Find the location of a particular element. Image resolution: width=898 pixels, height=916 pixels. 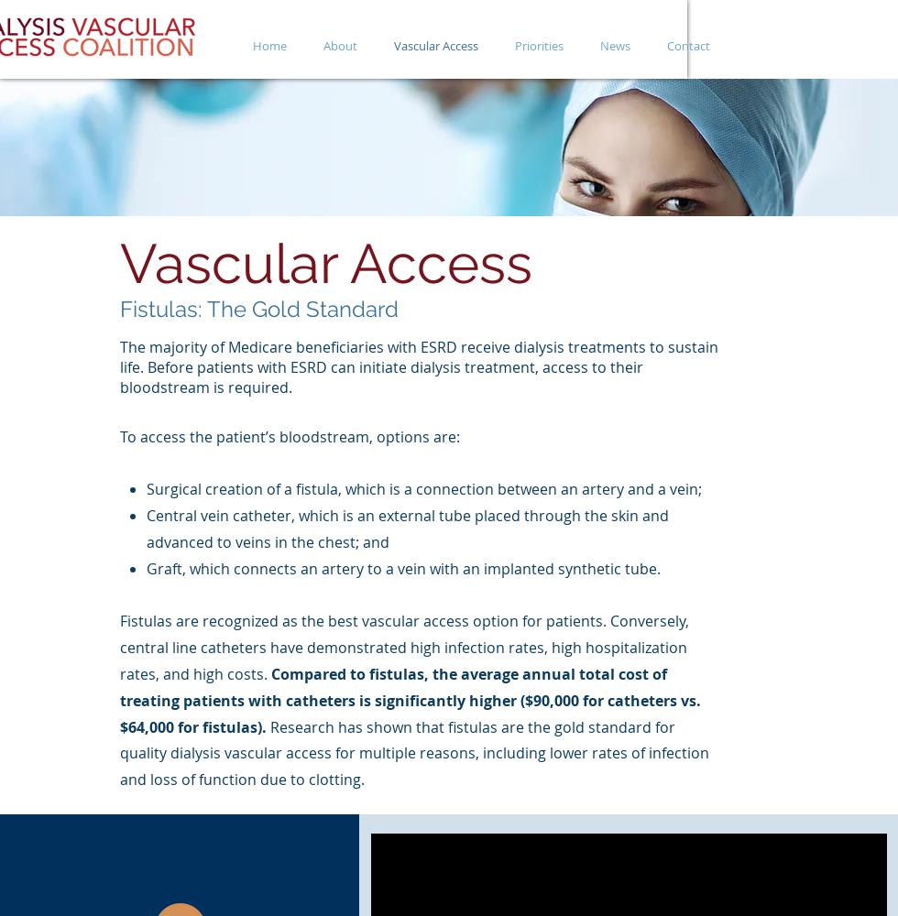

'The majority of Medicare beneficiaries with ESRD receive dialysis treatments to sustain life. Before patients with ESRD can initiate dialysis treatment, access to their bloodstream is required.' is located at coordinates (419, 367).